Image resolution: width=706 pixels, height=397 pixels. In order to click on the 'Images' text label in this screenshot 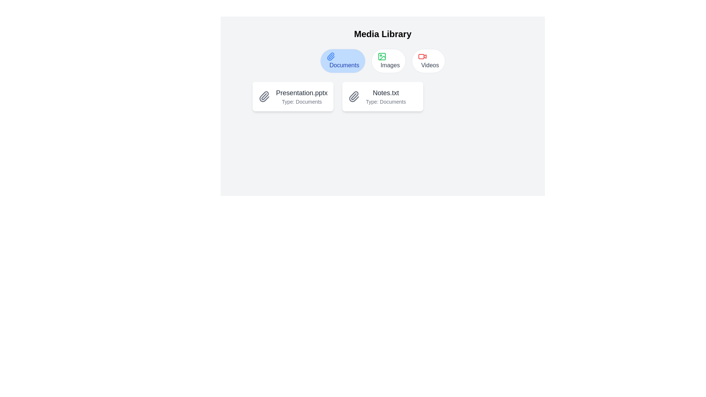, I will do `click(390, 65)`.